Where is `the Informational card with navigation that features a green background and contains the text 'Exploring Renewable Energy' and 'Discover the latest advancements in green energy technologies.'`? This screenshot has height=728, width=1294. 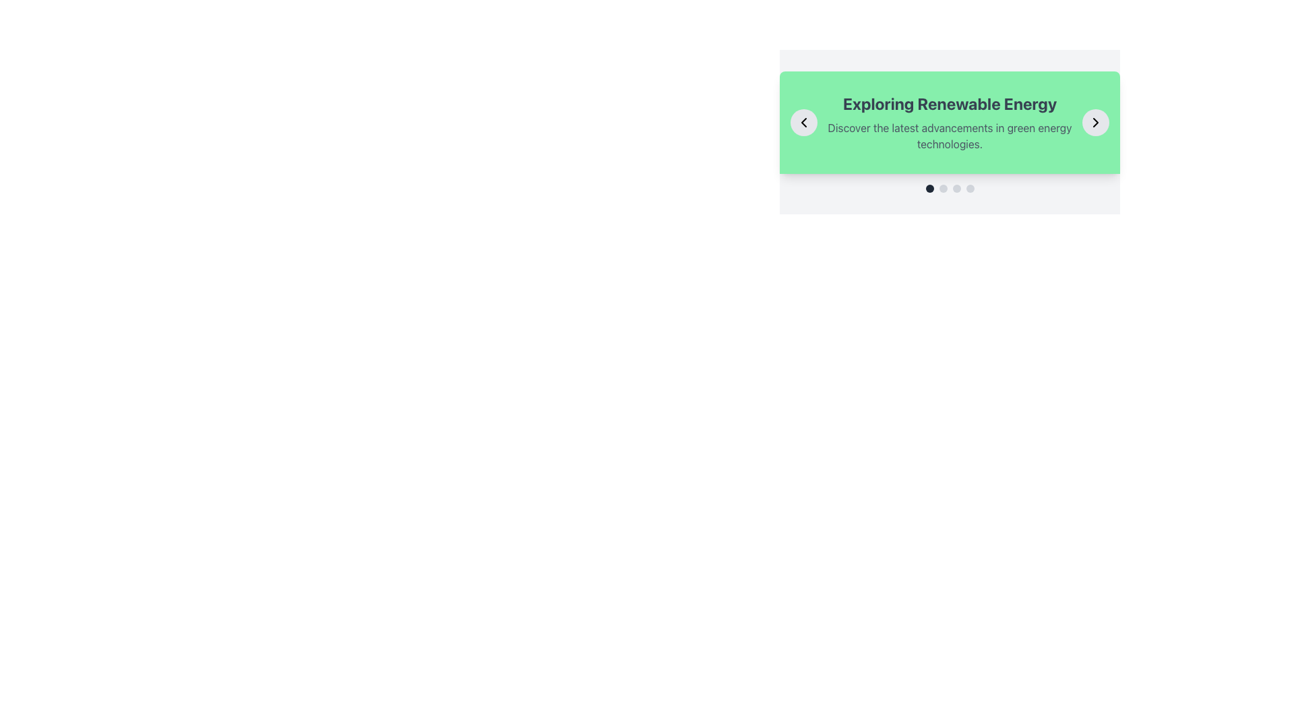 the Informational card with navigation that features a green background and contains the text 'Exploring Renewable Energy' and 'Discover the latest advancements in green energy technologies.' is located at coordinates (949, 122).